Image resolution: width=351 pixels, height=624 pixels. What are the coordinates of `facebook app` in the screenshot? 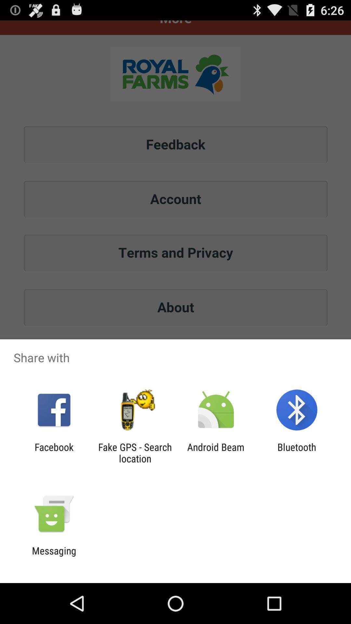 It's located at (54, 452).